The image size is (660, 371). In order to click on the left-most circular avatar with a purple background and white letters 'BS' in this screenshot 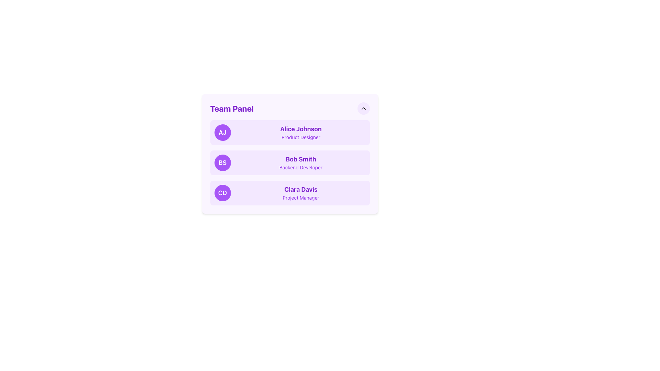, I will do `click(222, 163)`.